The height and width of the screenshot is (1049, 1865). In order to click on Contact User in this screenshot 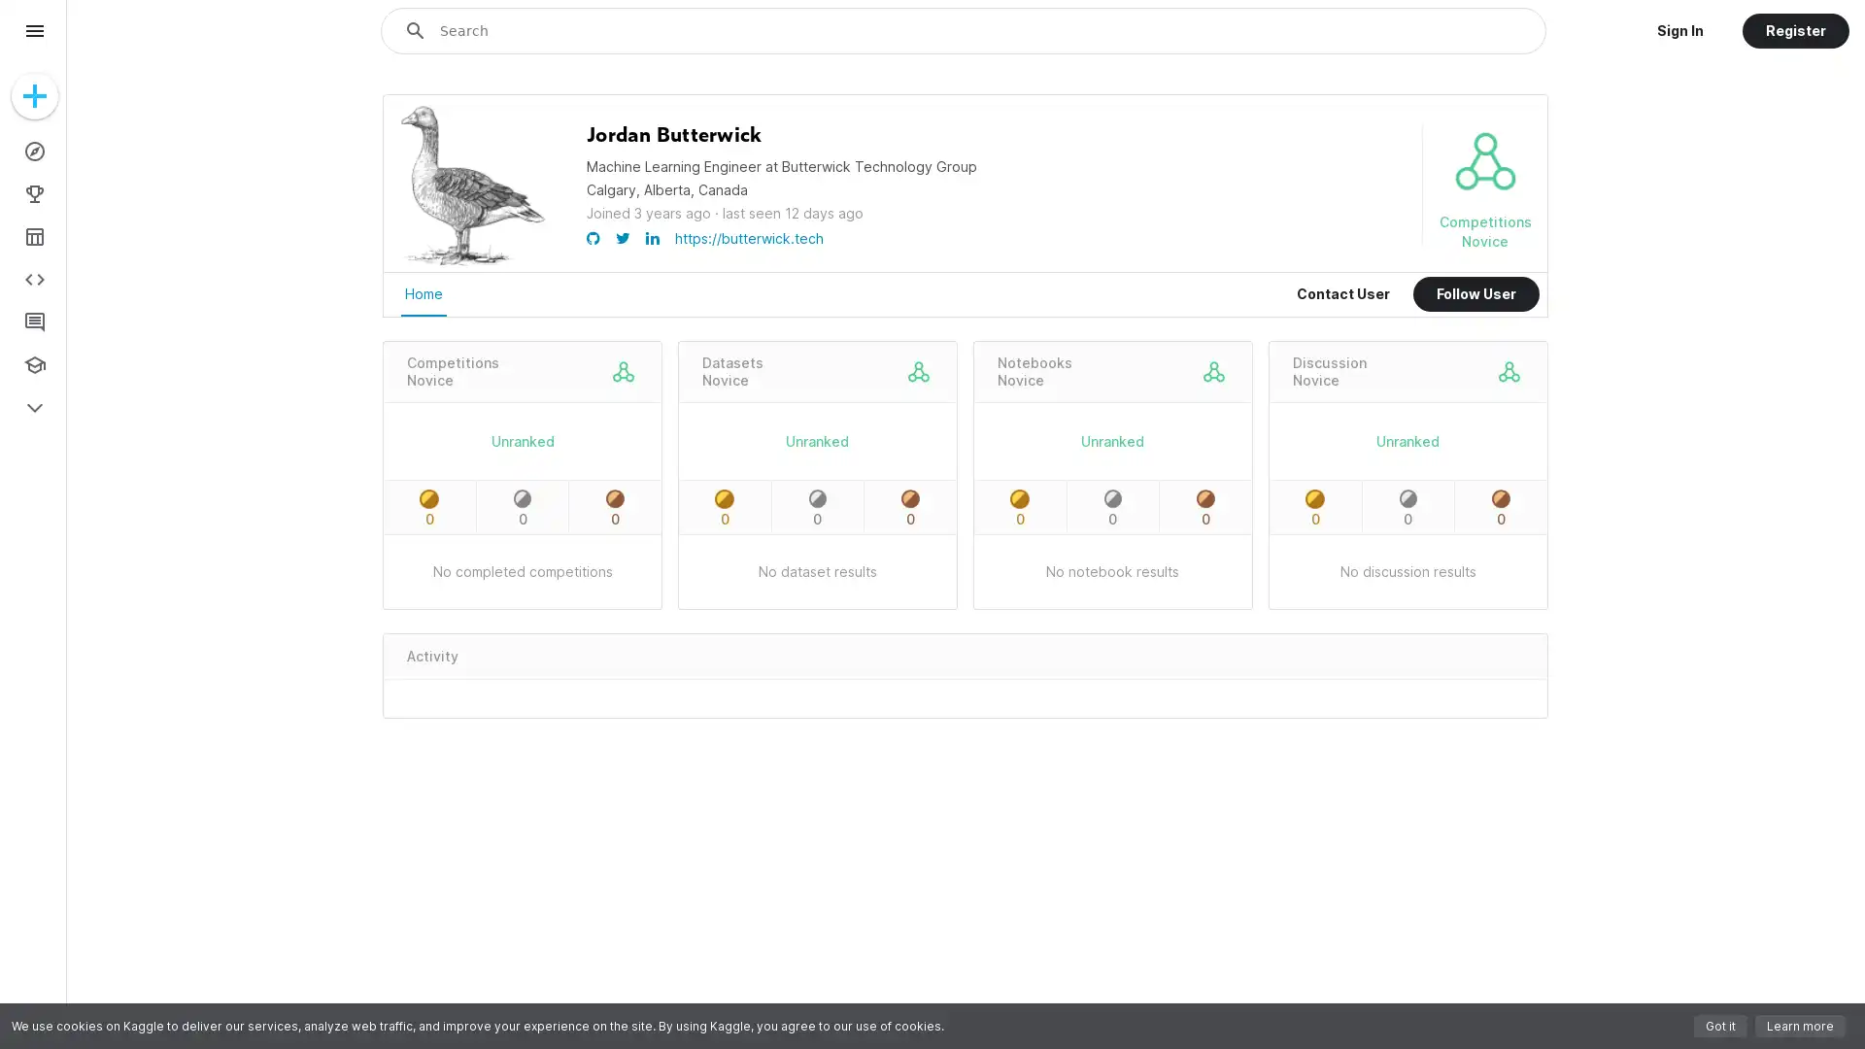, I will do `click(1341, 294)`.